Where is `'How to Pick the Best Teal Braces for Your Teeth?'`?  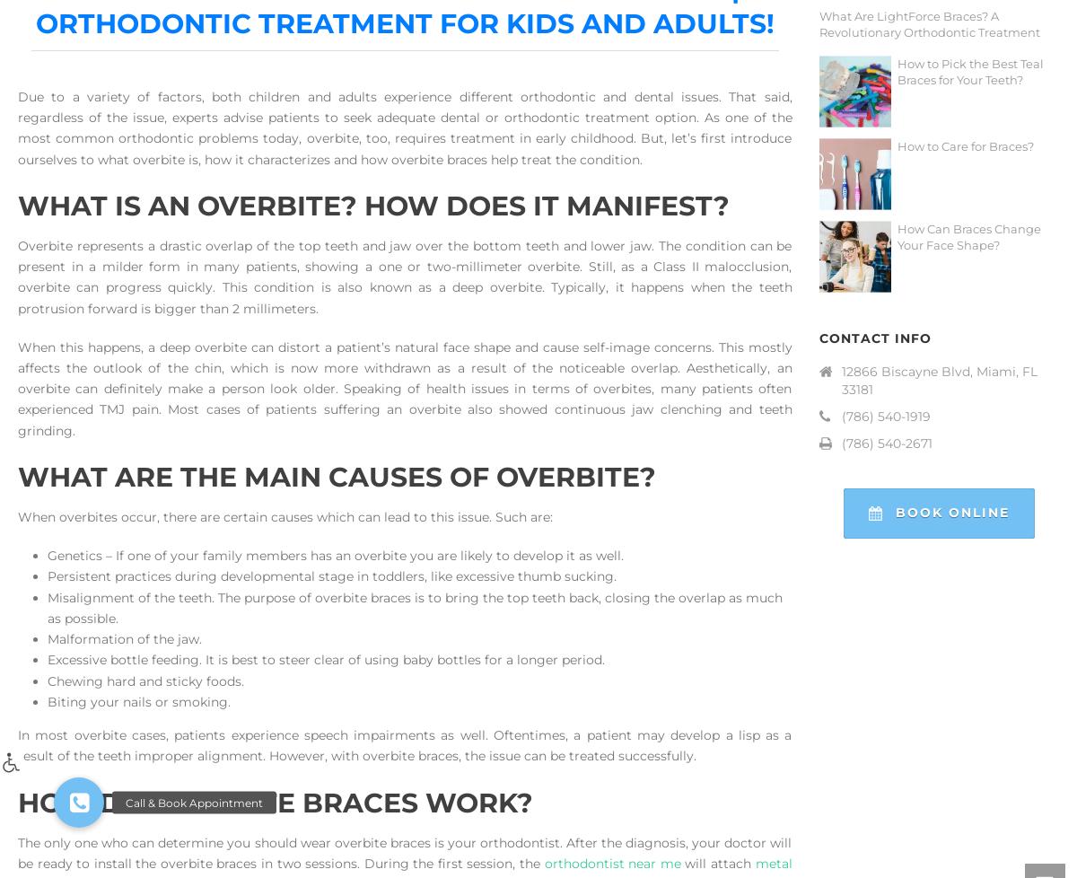 'How to Pick the Best Teal Braces for Your Teeth?' is located at coordinates (968, 71).